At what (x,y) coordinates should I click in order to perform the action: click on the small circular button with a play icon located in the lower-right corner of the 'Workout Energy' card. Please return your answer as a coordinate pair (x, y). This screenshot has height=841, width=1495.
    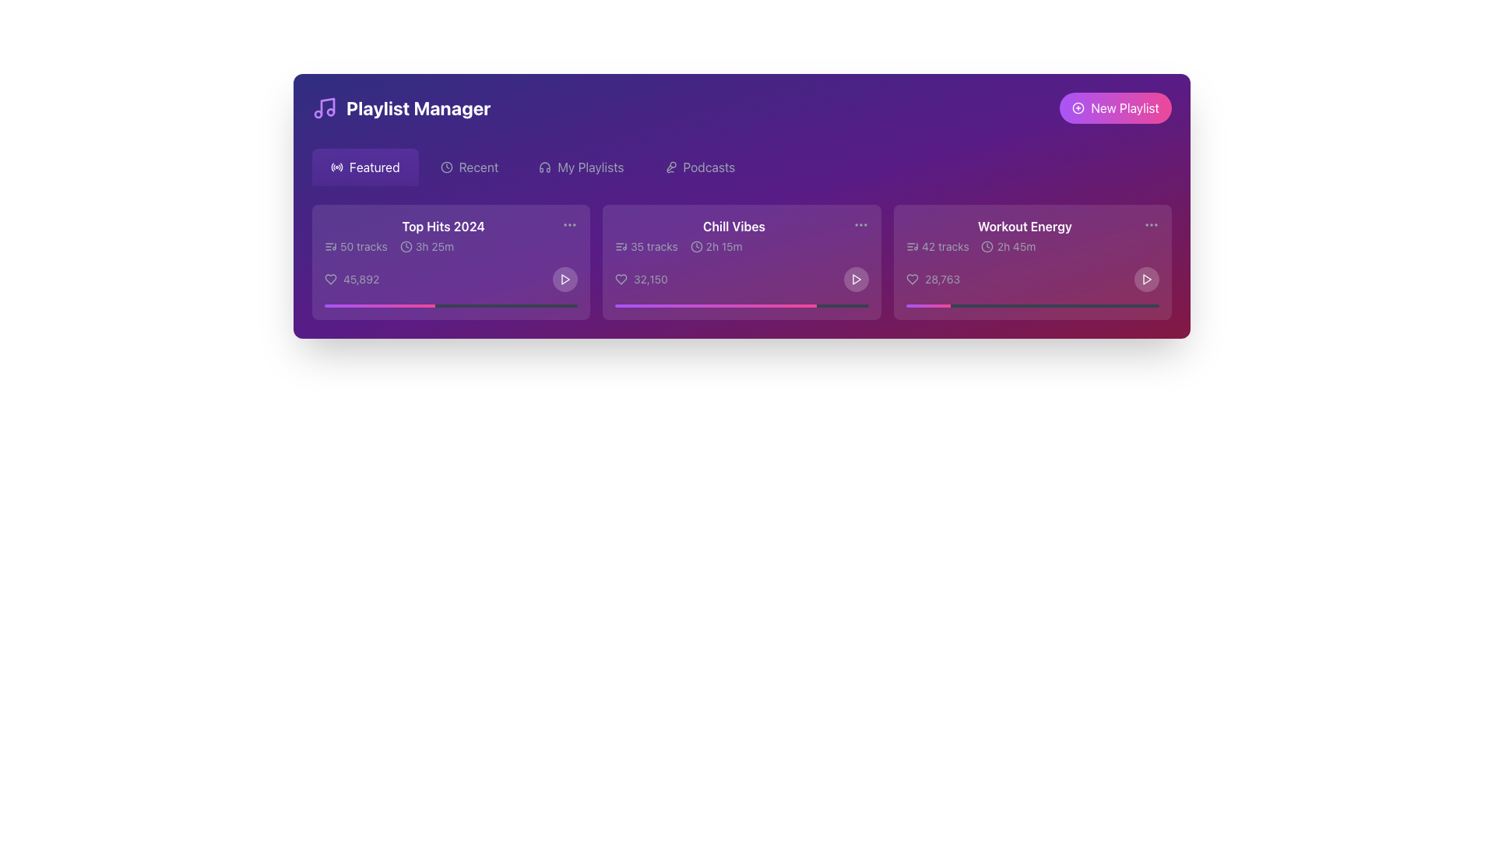
    Looking at the image, I should click on (1147, 278).